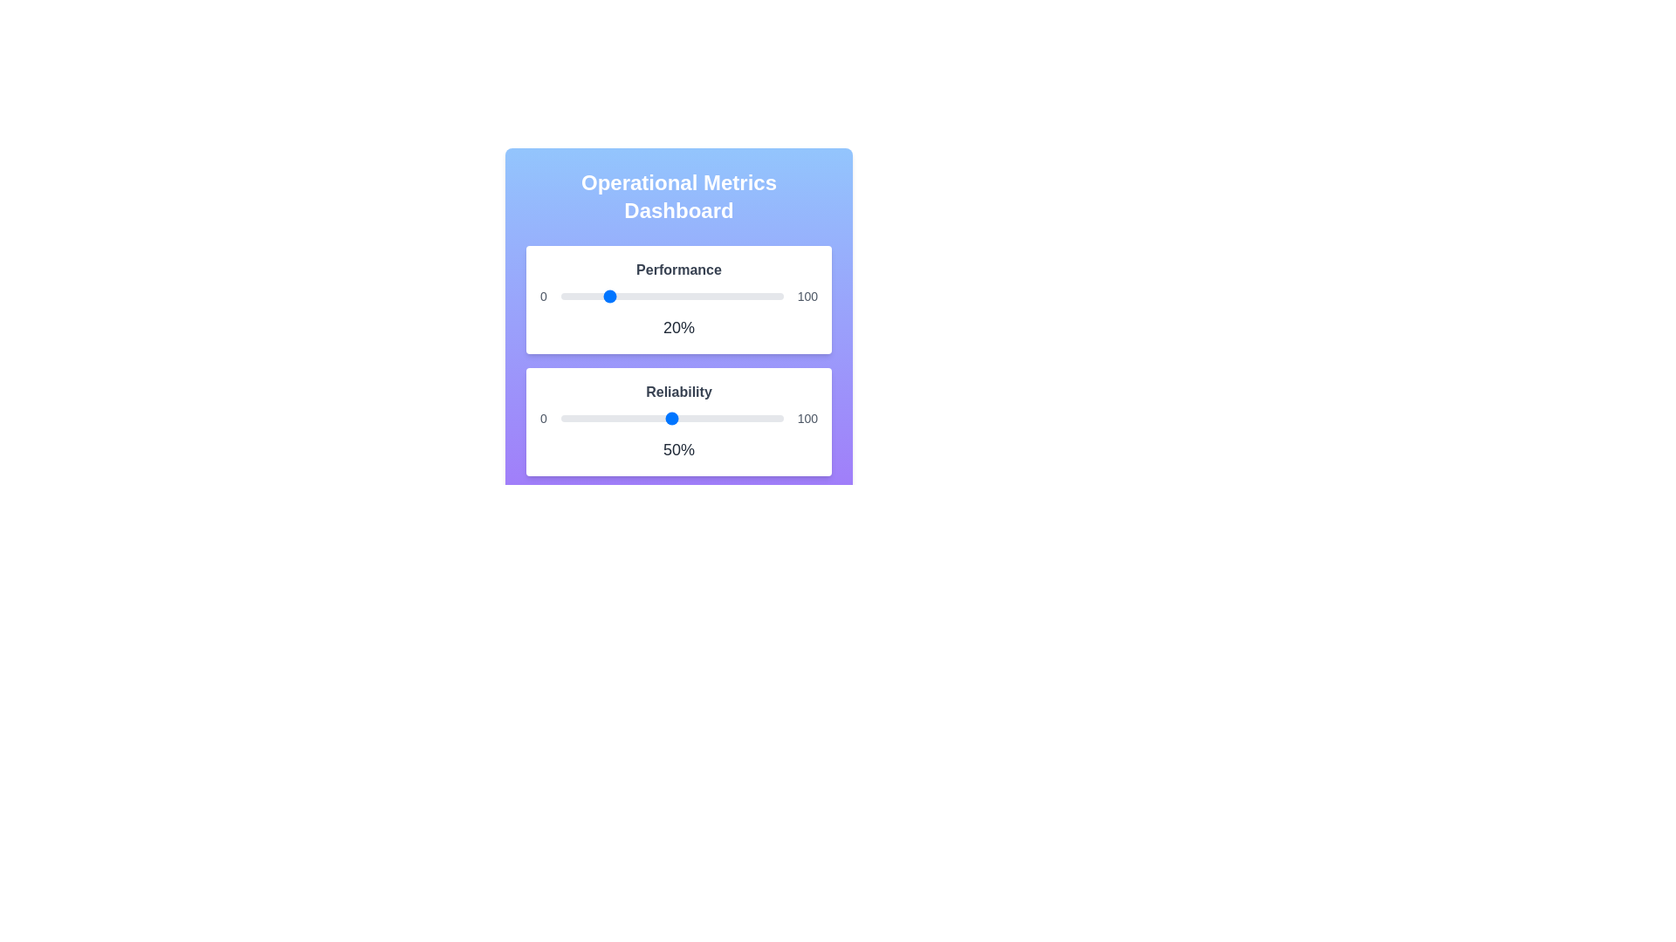 The image size is (1676, 942). I want to click on the reliability slider, so click(572, 418).